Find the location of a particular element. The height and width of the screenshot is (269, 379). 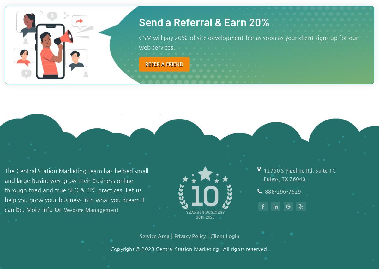

'The Central Station Marketing team has helped small and large
            businesses grow their business online through tried and true SEO &
            PPC practices. Let us help you grow your business into what you
            dream it can be. More Info On' is located at coordinates (5, 190).